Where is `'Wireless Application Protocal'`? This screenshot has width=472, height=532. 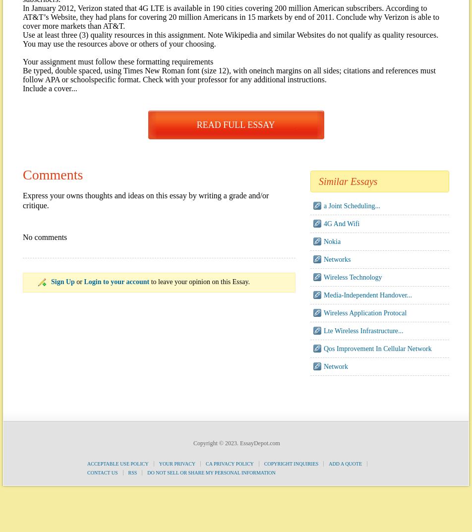
'Wireless Application Protocal' is located at coordinates (365, 312).